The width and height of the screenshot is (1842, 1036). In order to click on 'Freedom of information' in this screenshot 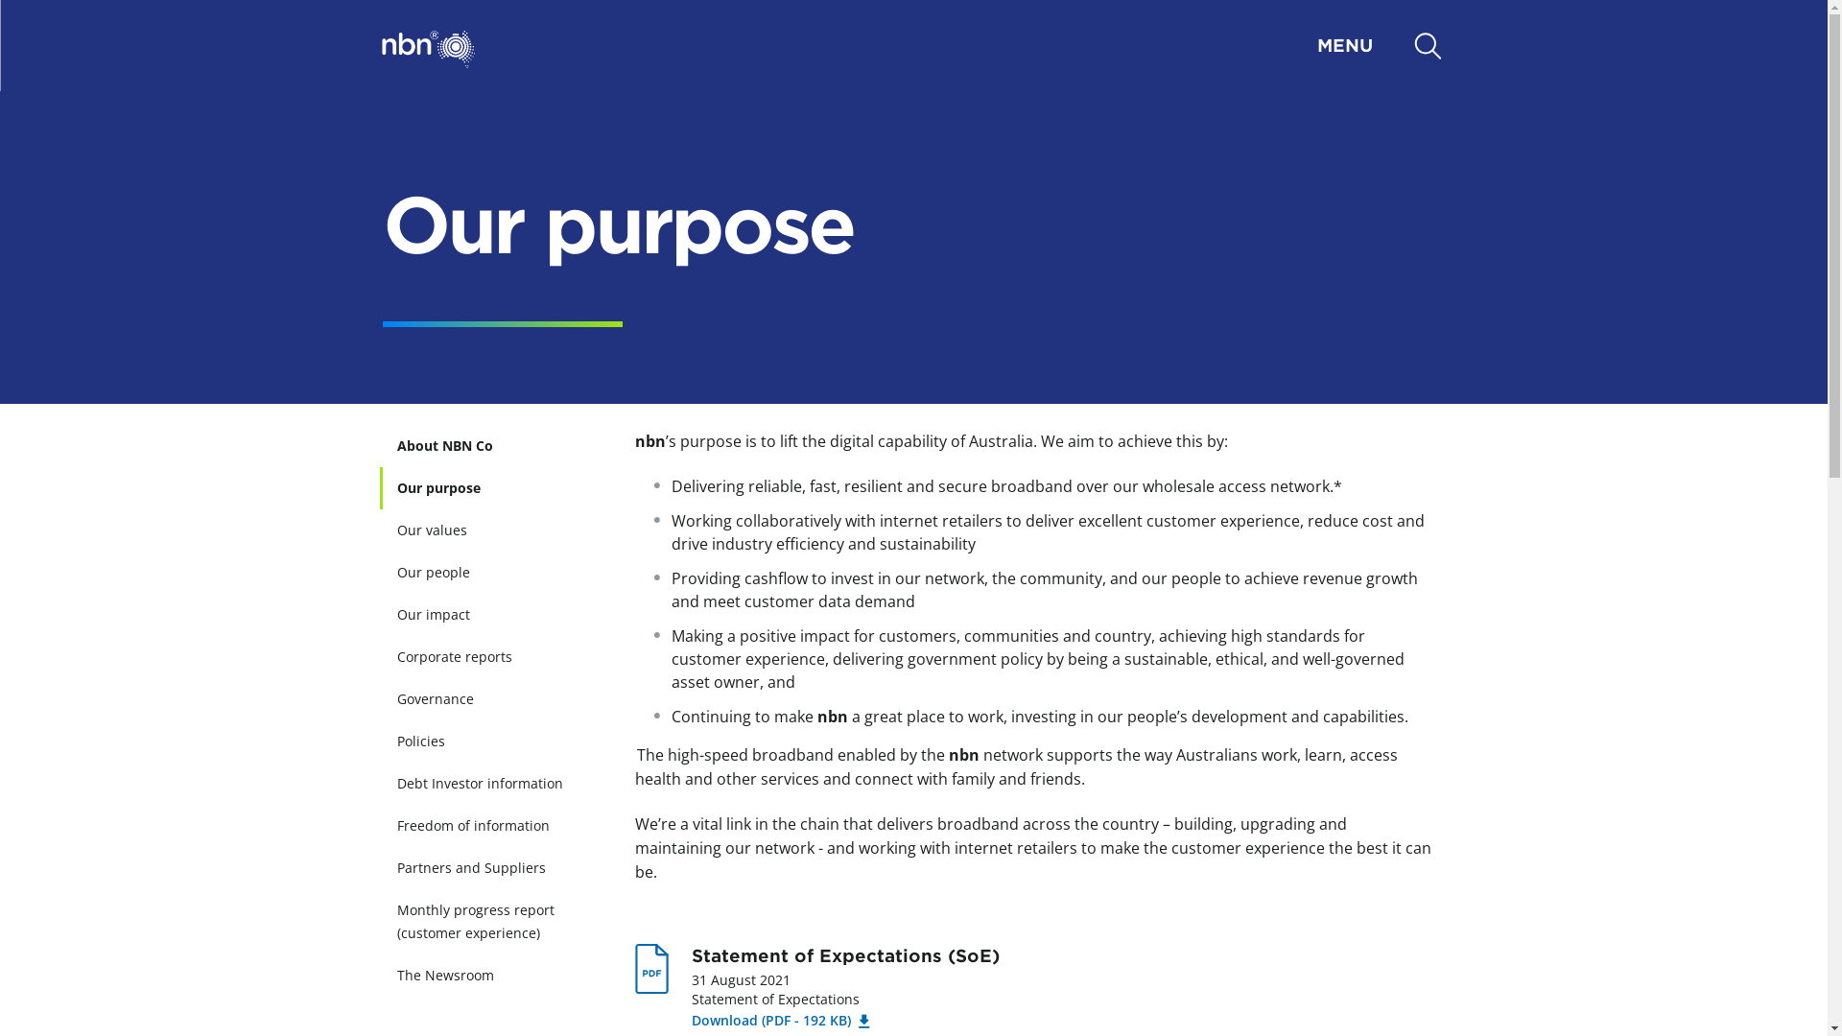, I will do `click(491, 824)`.